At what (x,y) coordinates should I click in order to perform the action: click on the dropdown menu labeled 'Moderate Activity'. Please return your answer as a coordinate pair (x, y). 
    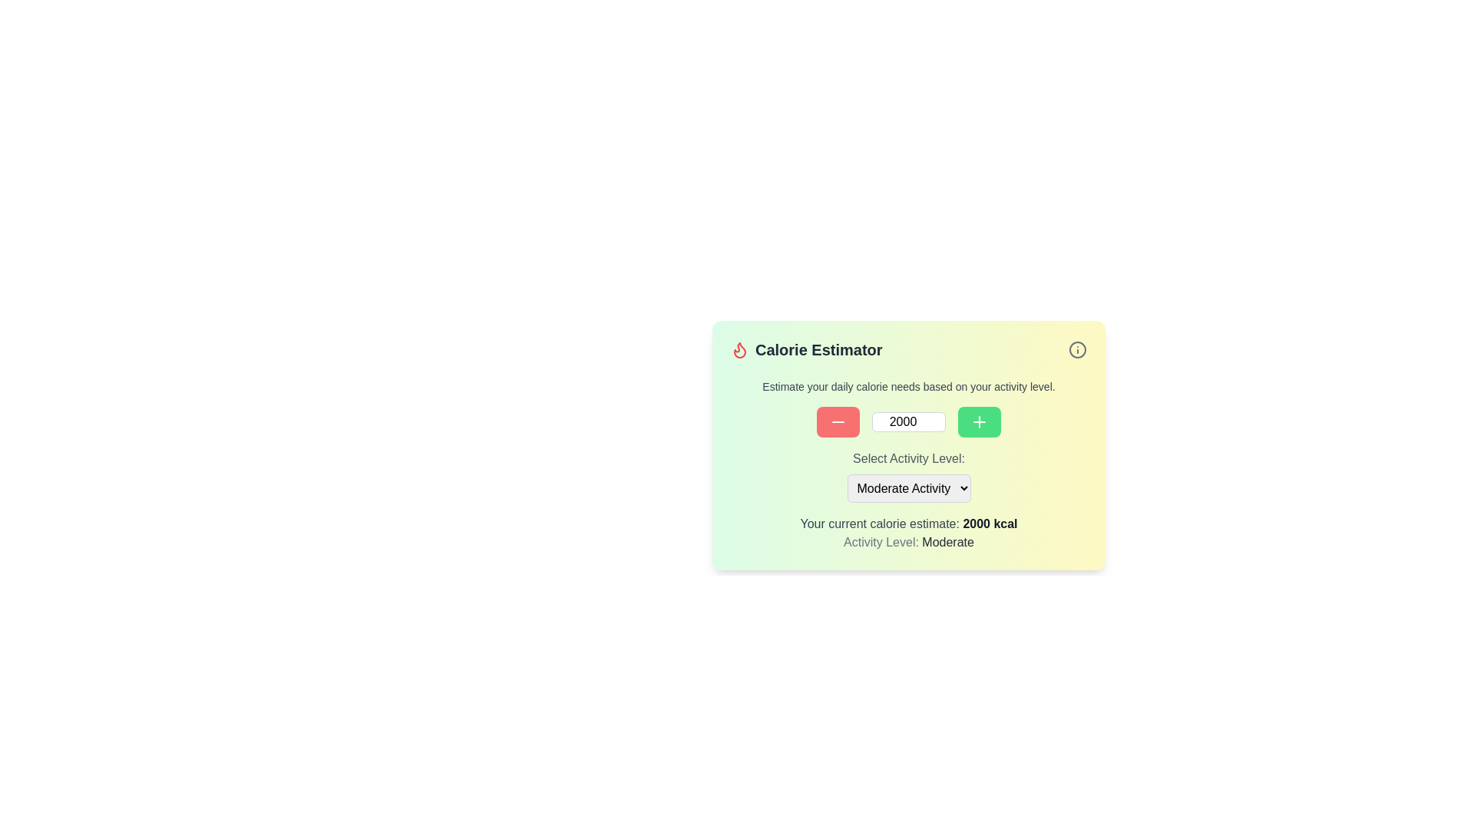
    Looking at the image, I should click on (909, 488).